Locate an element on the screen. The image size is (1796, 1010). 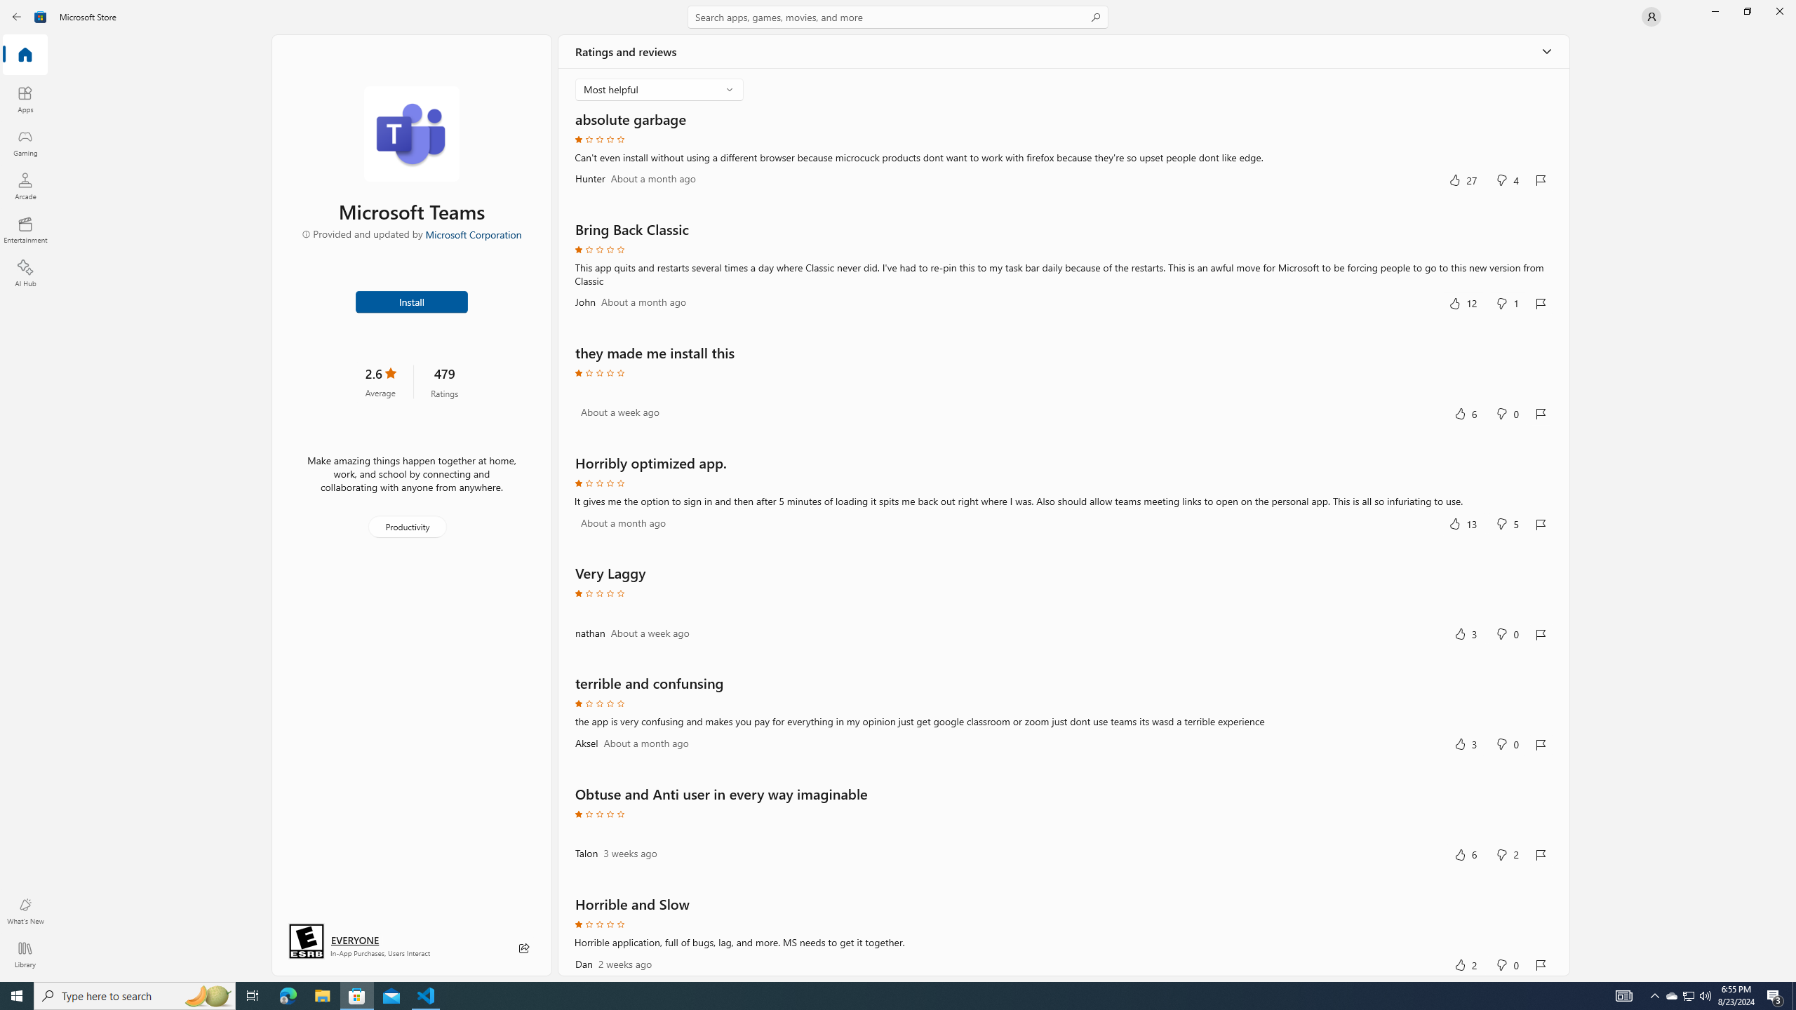
'Yes, this was helpful. 6 votes.' is located at coordinates (1464, 854).